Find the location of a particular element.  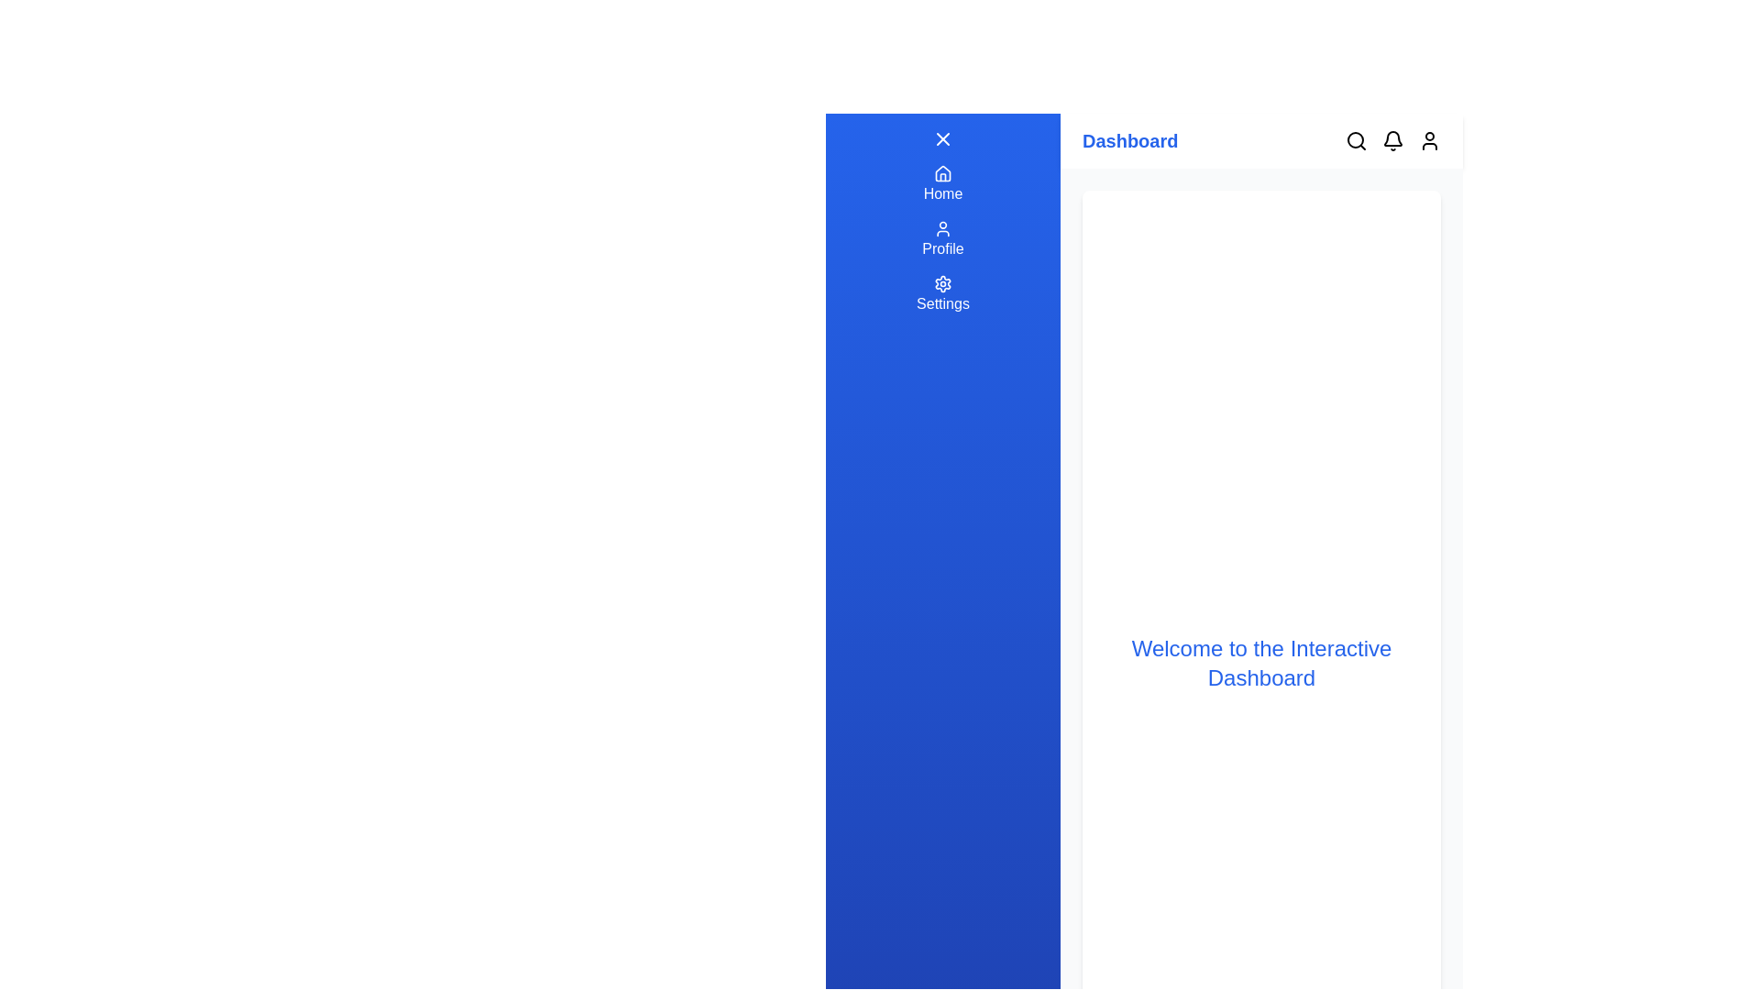

the close icon (SVG) located at the top of the vertical navigation bar is located at coordinates (942, 137).